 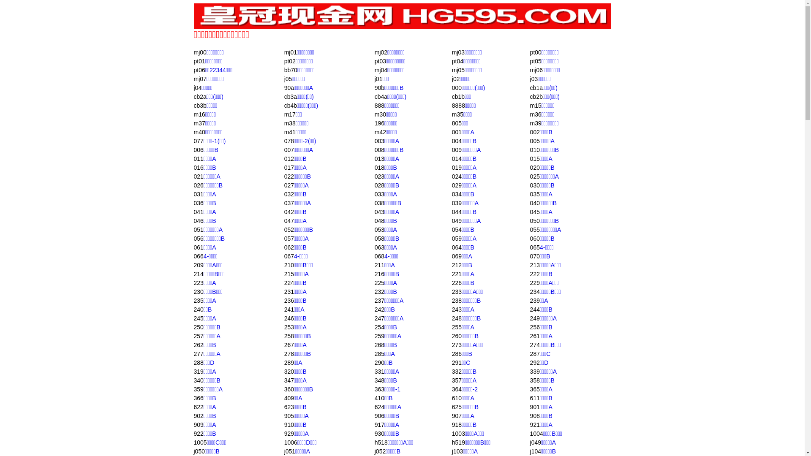 I want to click on '023', so click(x=379, y=176).